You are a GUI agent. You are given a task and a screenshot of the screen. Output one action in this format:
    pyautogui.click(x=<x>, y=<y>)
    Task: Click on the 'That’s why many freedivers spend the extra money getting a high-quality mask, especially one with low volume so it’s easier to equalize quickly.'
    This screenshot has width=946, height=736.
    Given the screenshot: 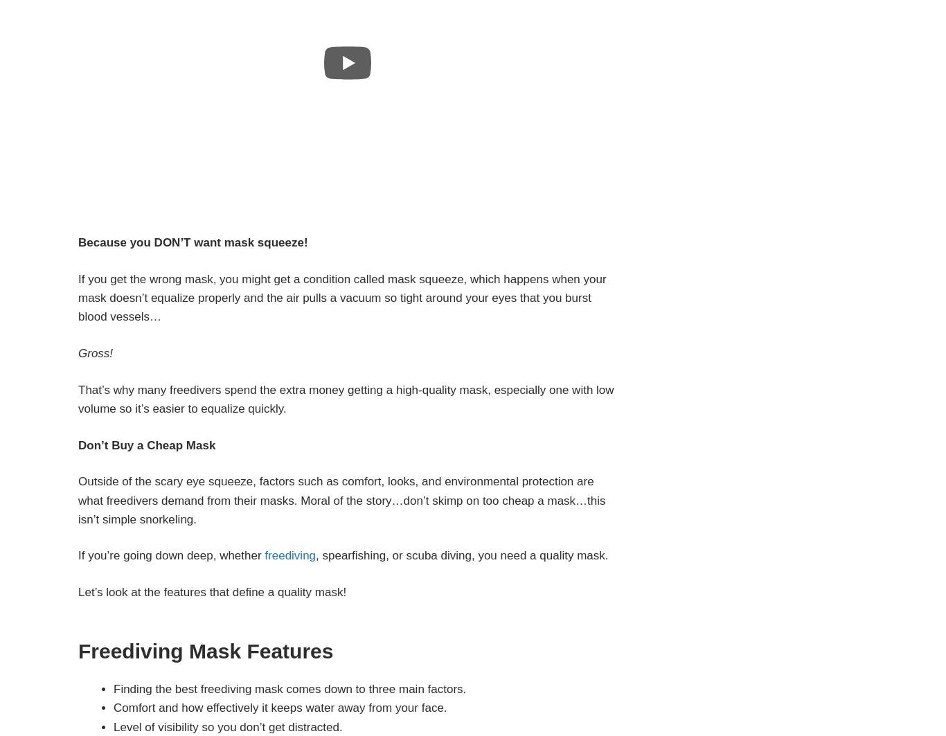 What is the action you would take?
    pyautogui.click(x=346, y=398)
    